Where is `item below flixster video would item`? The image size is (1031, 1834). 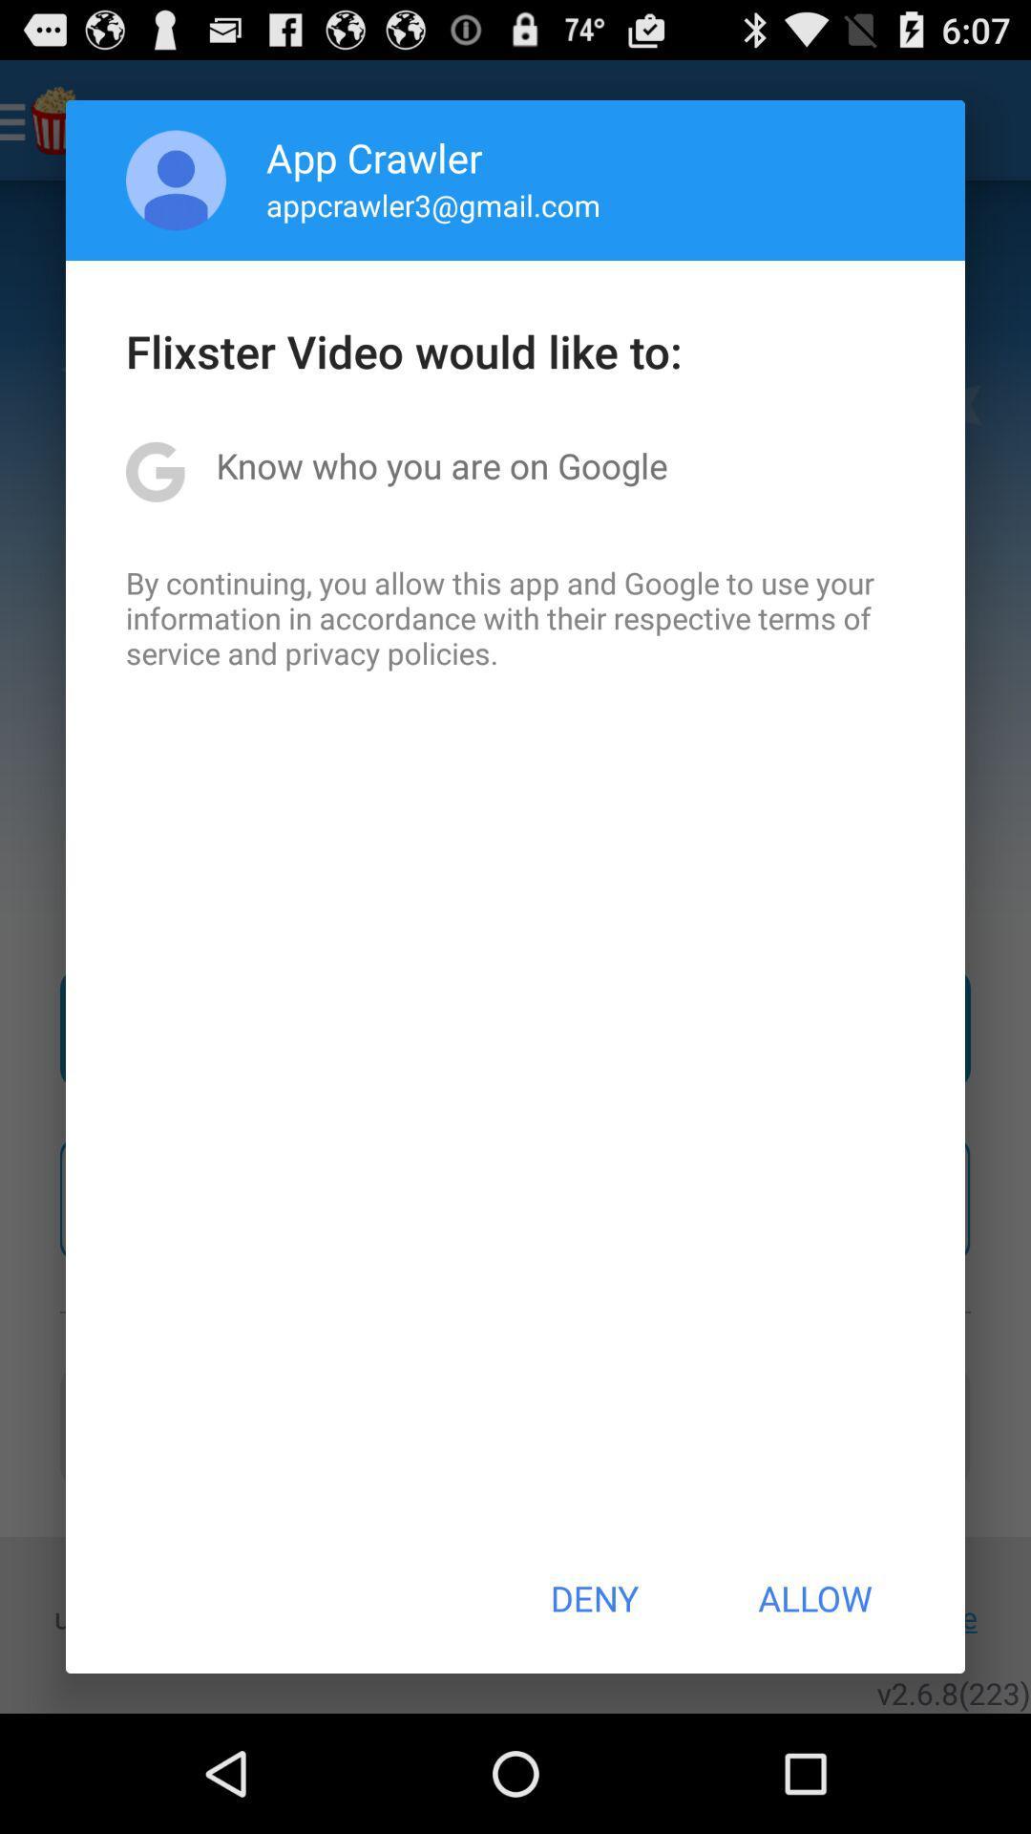 item below flixster video would item is located at coordinates (442, 465).